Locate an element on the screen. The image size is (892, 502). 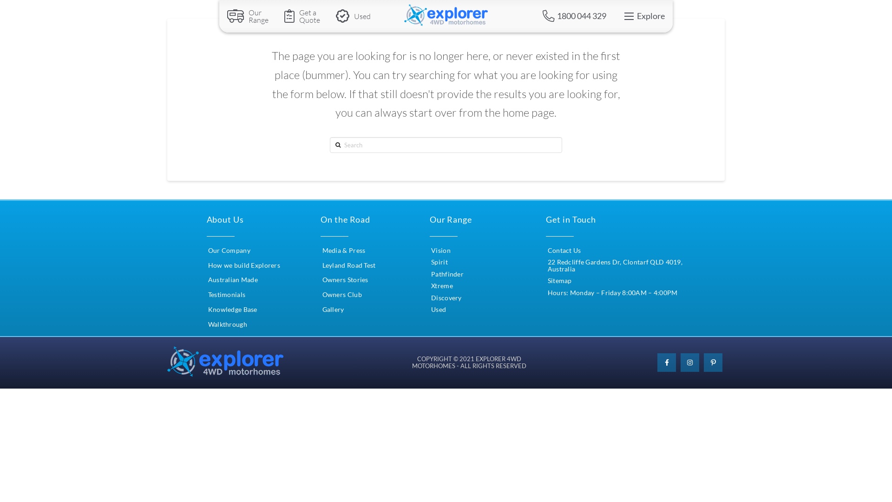
'Our Company' is located at coordinates (206, 251).